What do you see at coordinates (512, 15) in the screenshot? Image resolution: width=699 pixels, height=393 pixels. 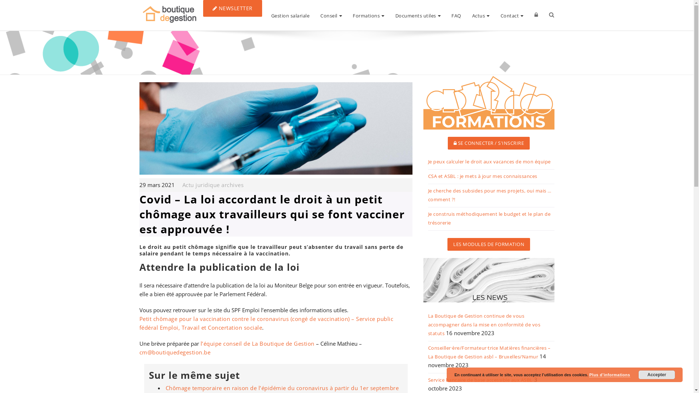 I see `'Contact'` at bounding box center [512, 15].